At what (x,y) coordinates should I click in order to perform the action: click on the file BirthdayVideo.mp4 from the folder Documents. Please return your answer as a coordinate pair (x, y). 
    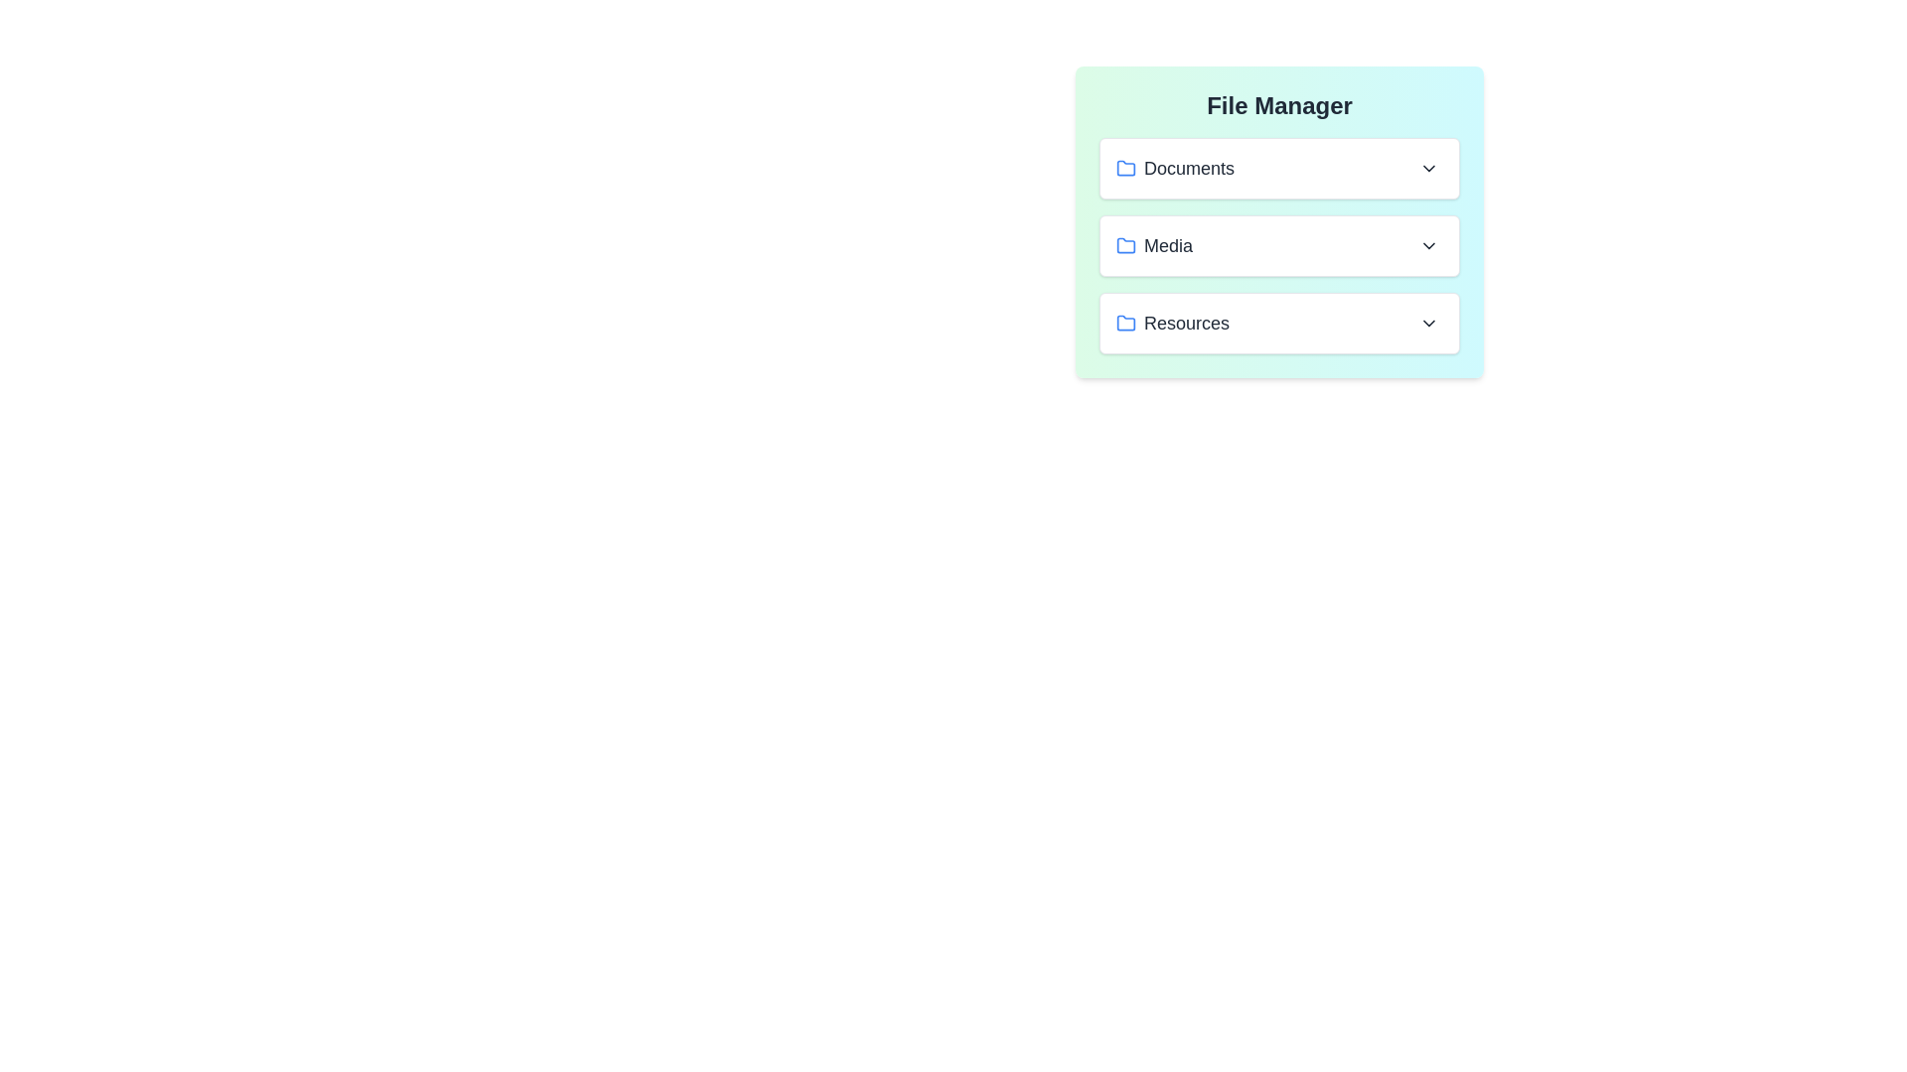
    Looking at the image, I should click on (1279, 167).